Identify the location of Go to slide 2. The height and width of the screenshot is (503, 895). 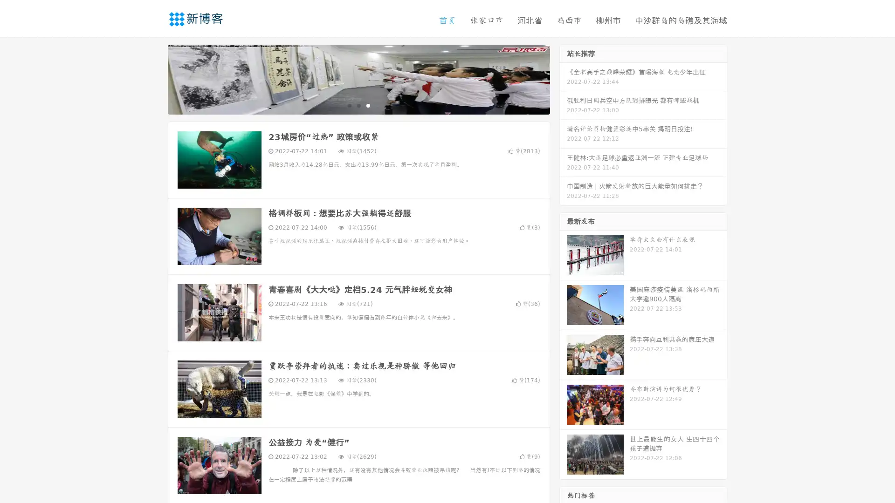
(358, 105).